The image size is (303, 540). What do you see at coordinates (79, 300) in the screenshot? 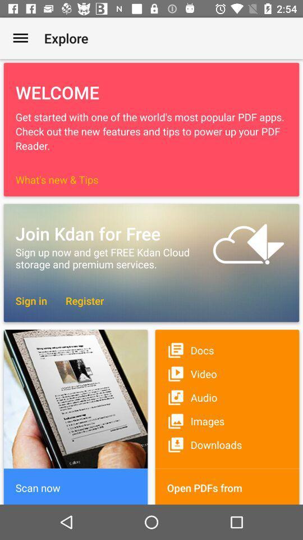
I see `the item to the right of the sign in item` at bounding box center [79, 300].